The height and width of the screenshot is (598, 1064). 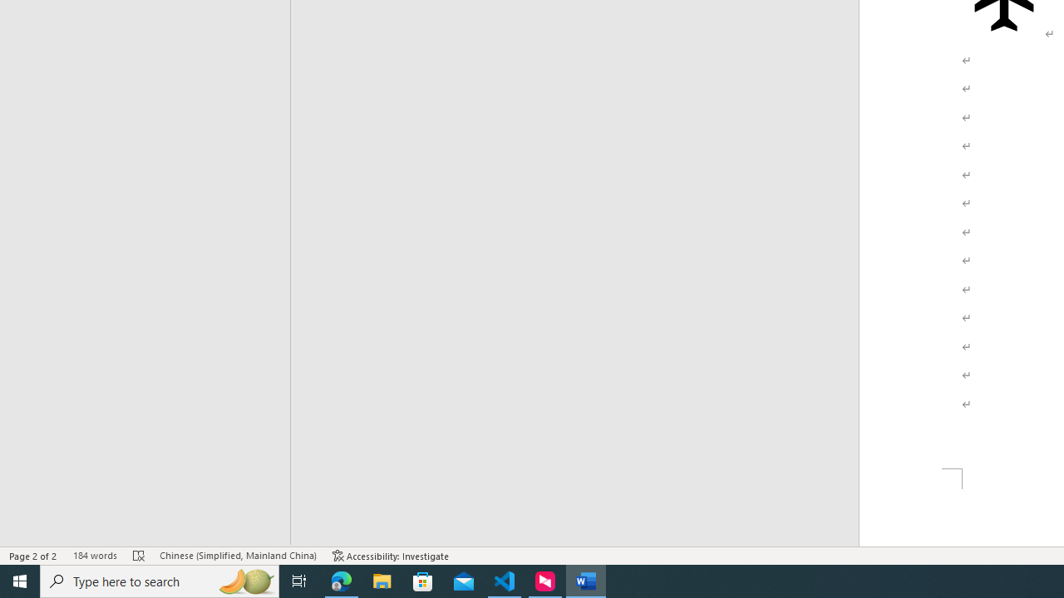 I want to click on 'Page Number Page 2 of 2', so click(x=33, y=556).